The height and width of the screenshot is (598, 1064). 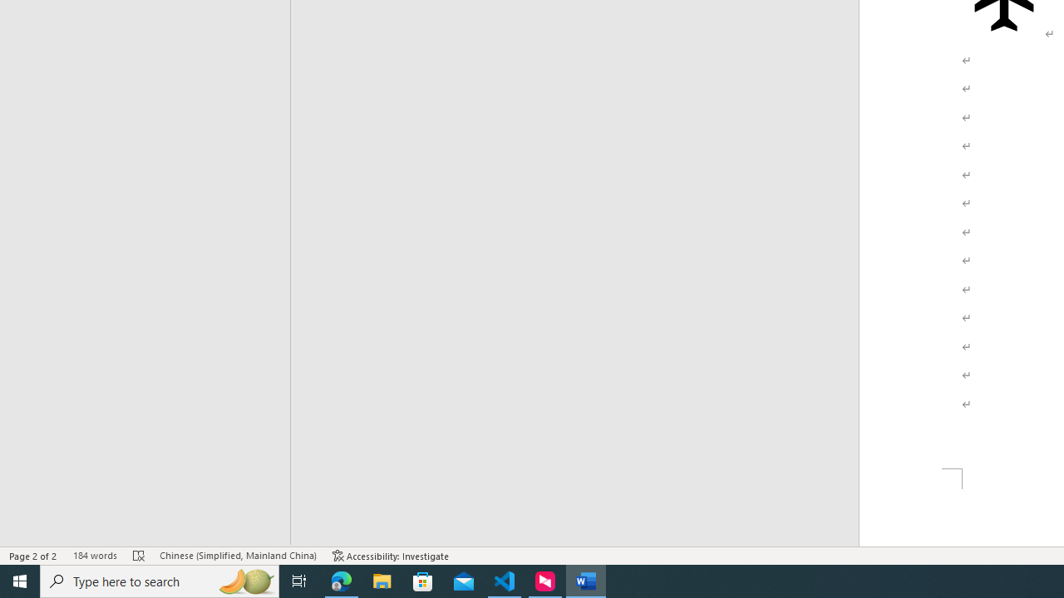 I want to click on 'Page Number Page 2 of 2', so click(x=33, y=556).